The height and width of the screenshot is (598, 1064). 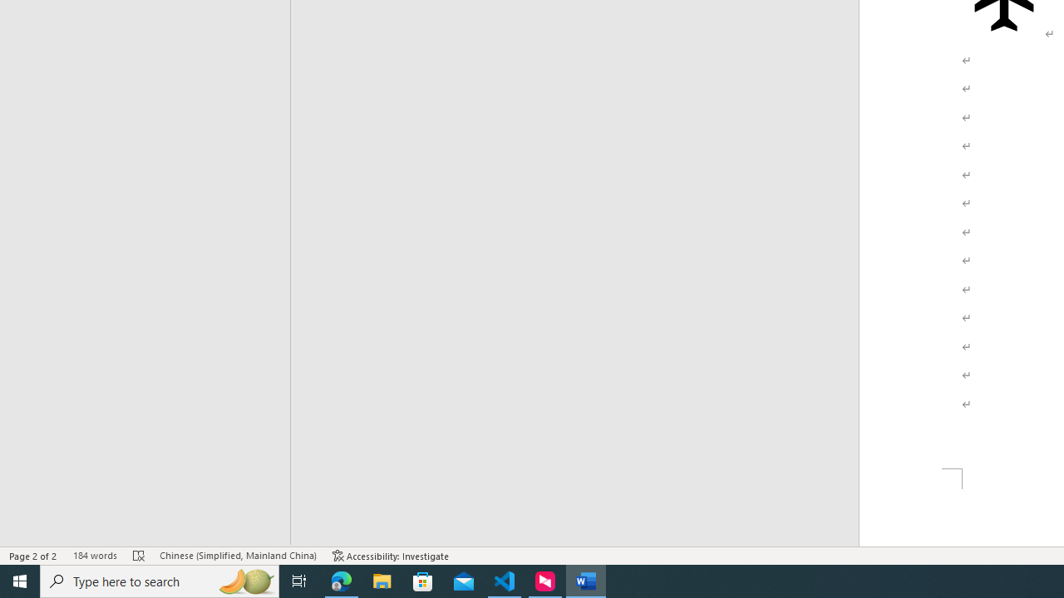 I want to click on 'Page Number Page 2 of 2', so click(x=33, y=556).